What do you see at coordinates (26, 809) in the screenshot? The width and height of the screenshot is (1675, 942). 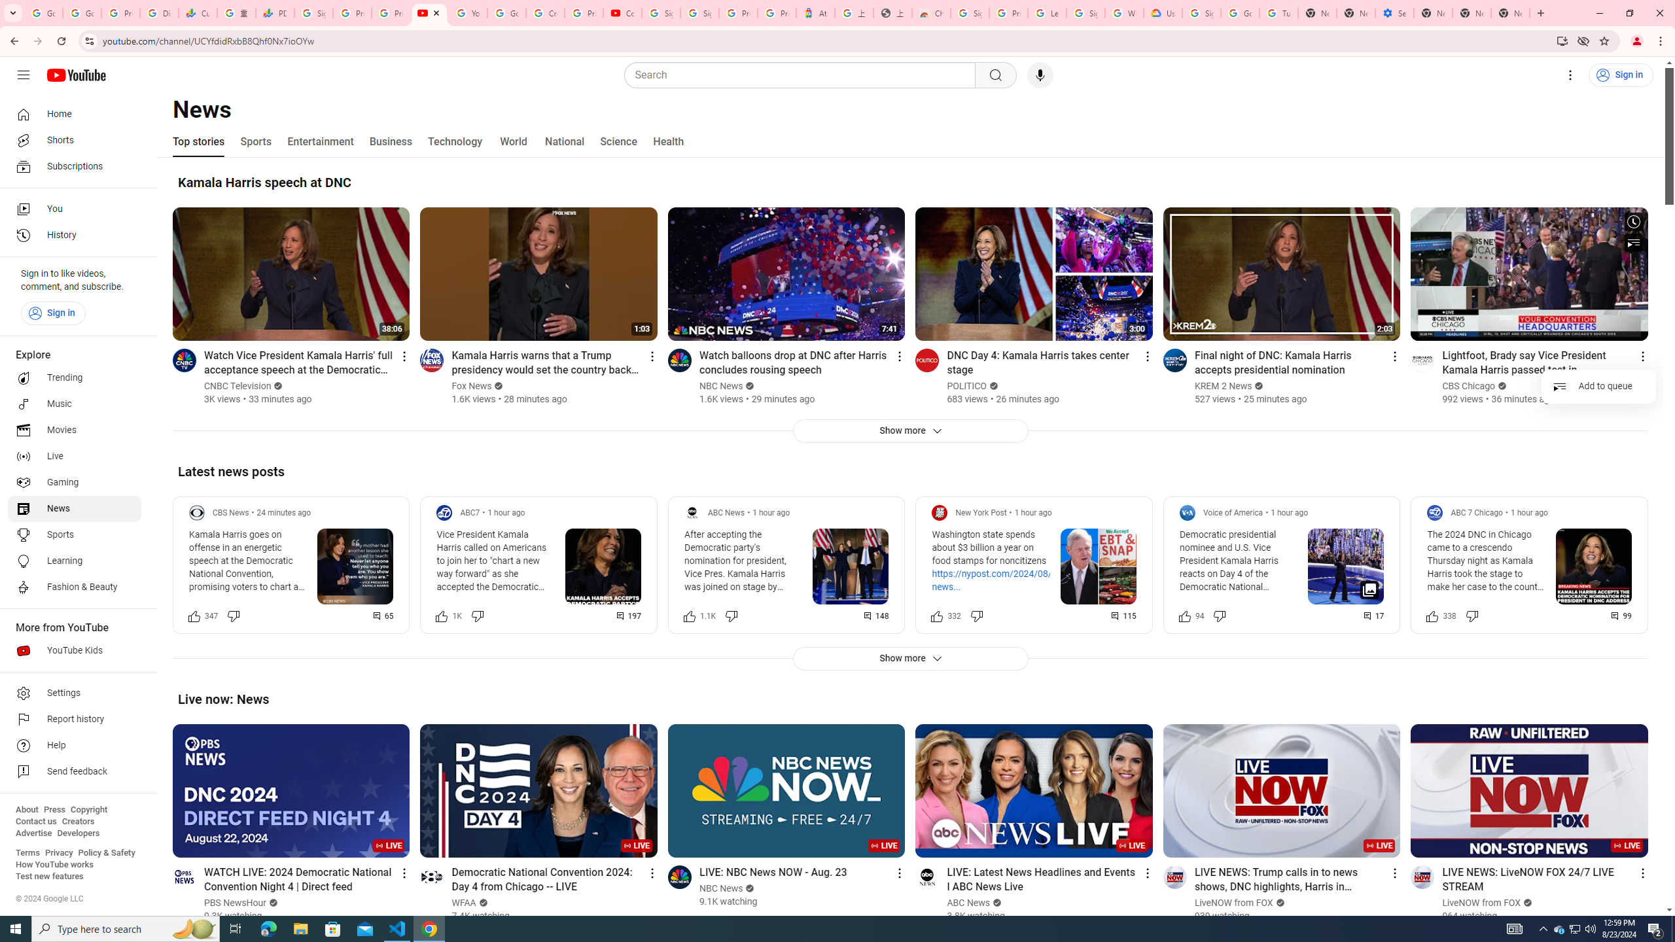 I see `'About'` at bounding box center [26, 809].